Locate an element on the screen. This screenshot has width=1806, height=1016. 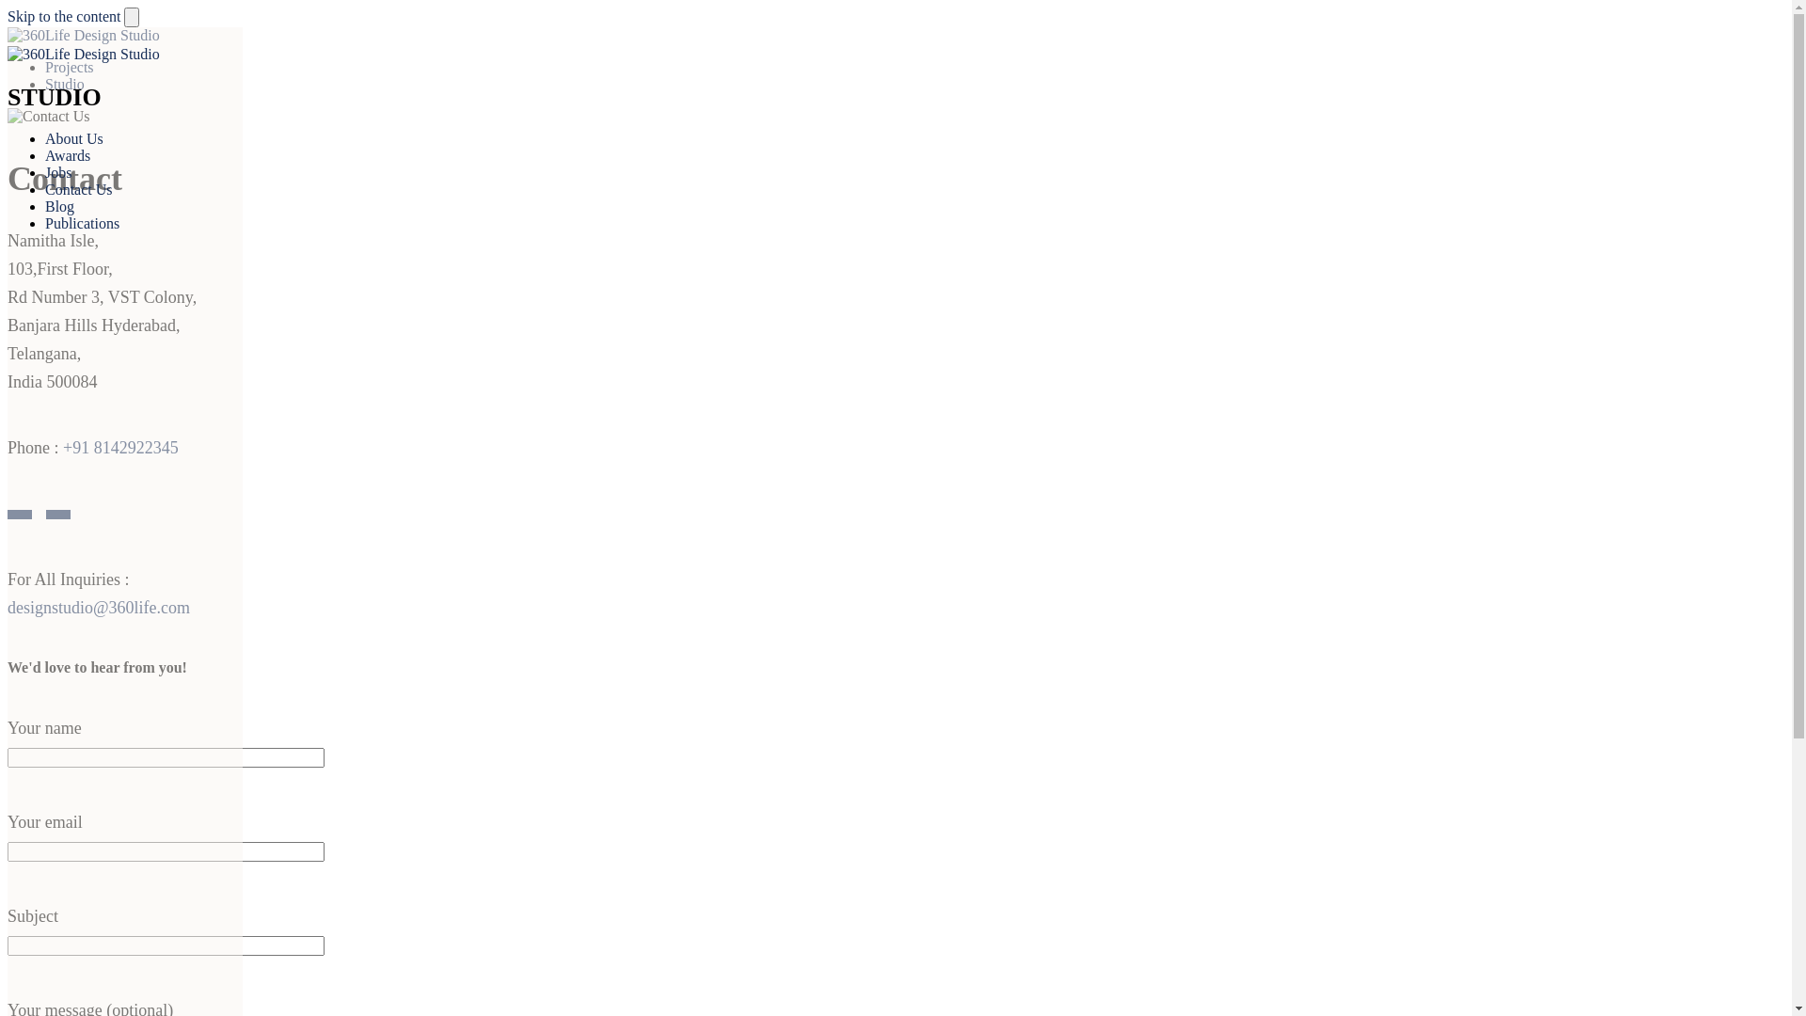
'Skip to the content' is located at coordinates (8, 16).